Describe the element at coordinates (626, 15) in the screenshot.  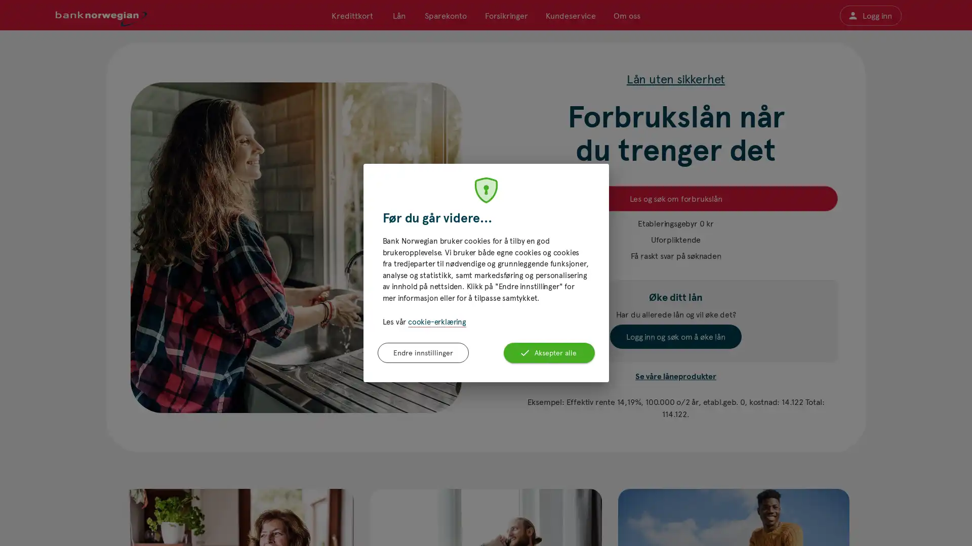
I see `Om oss` at that location.